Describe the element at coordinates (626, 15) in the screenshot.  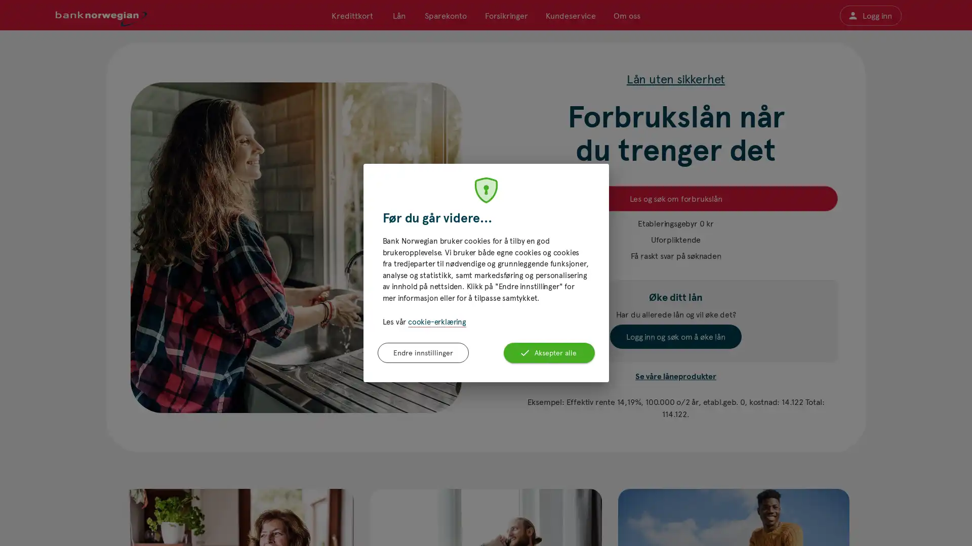
I see `Om oss` at that location.